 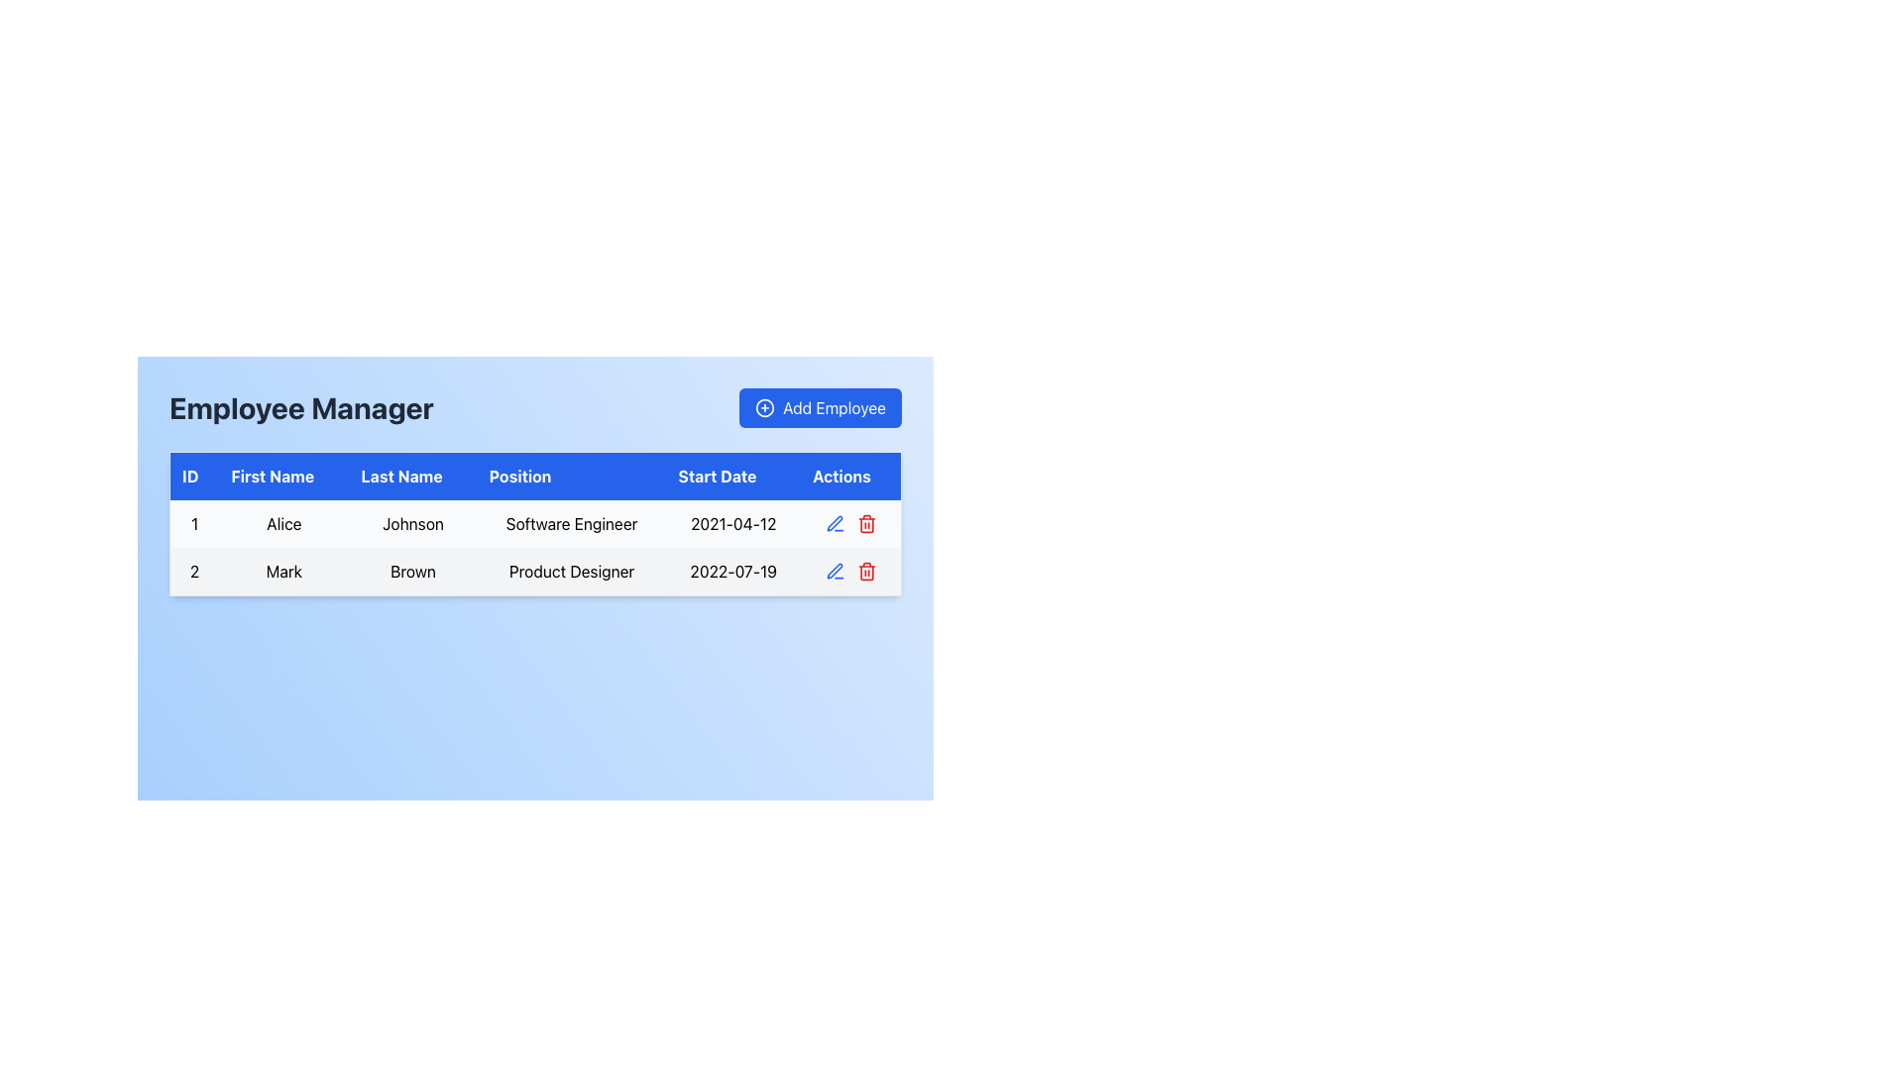 I want to click on the 'Actions' column header, which is the last column in the table and located to the right of the 'Start Date' column header, so click(x=850, y=476).